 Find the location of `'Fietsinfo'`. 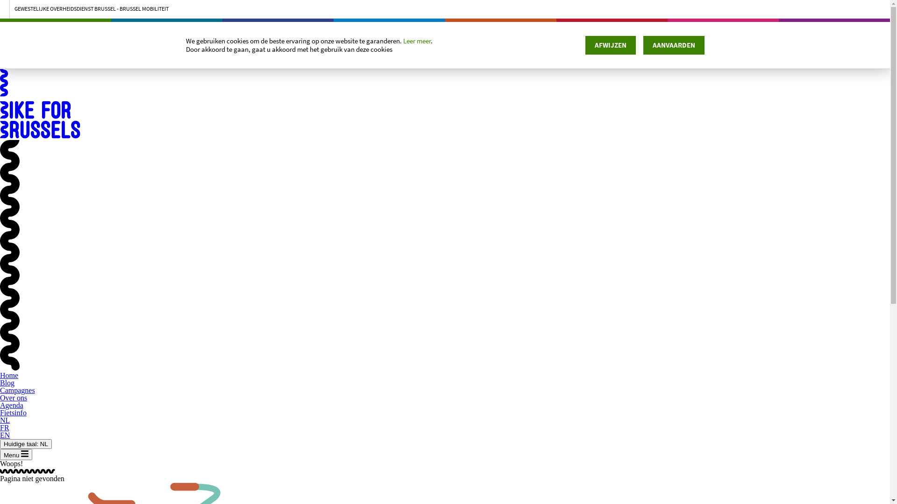

'Fietsinfo' is located at coordinates (0, 412).